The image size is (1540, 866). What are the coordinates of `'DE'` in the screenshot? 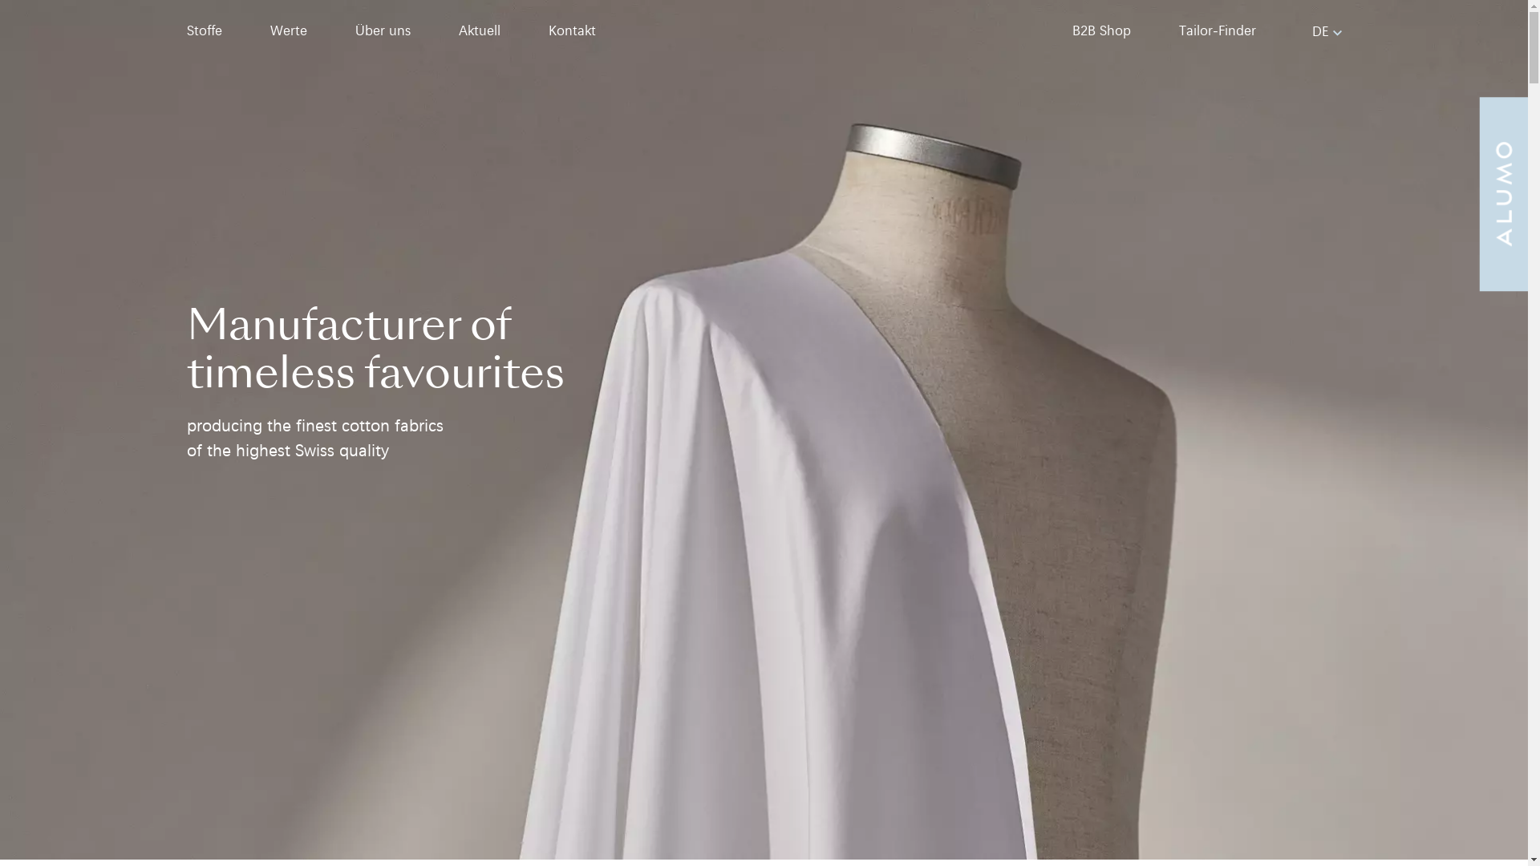 It's located at (1312, 30).